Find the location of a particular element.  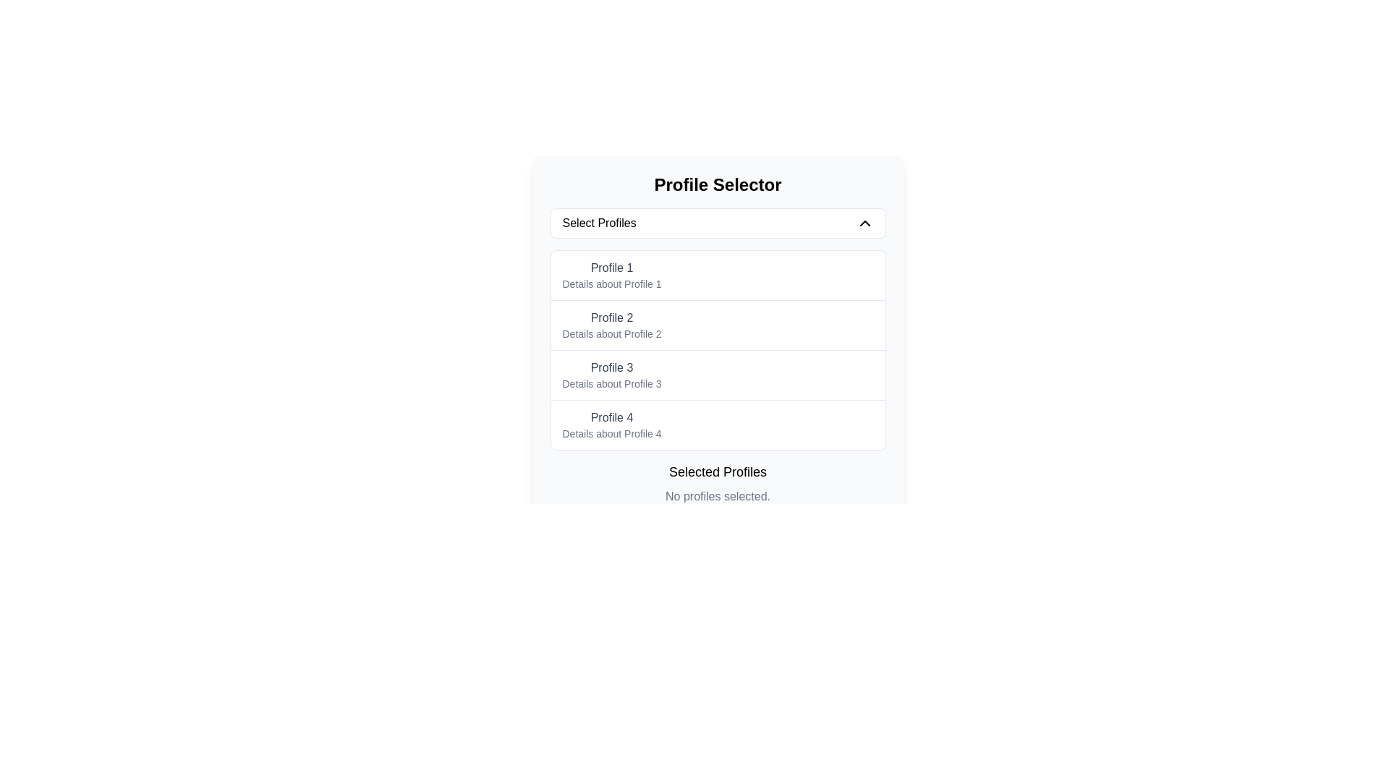

the second item in the profile list titled 'Profile Selector', which displays 'Profile 2' and 'Details about Profile 2' is located at coordinates (718, 339).